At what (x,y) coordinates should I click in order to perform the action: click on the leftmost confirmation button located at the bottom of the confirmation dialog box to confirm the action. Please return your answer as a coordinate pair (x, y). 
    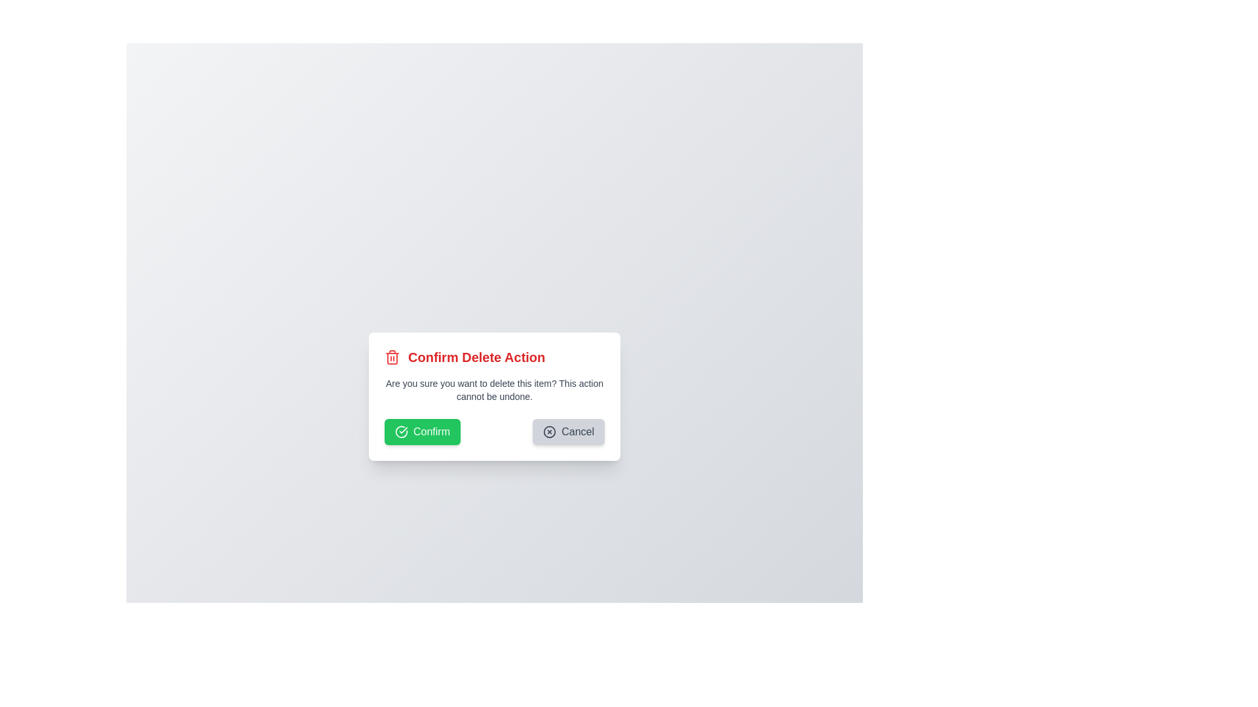
    Looking at the image, I should click on (422, 431).